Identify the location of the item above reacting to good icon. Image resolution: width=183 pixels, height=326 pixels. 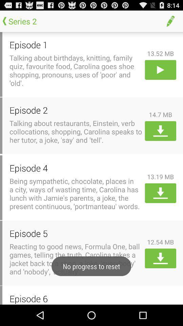
(76, 233).